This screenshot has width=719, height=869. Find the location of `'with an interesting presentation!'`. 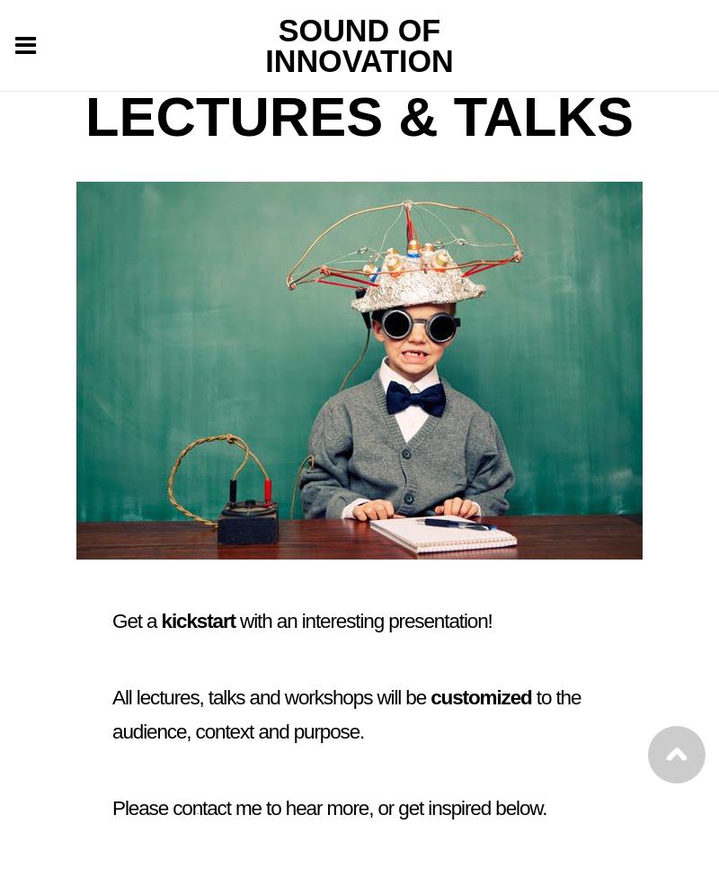

'with an interesting presentation!' is located at coordinates (363, 621).